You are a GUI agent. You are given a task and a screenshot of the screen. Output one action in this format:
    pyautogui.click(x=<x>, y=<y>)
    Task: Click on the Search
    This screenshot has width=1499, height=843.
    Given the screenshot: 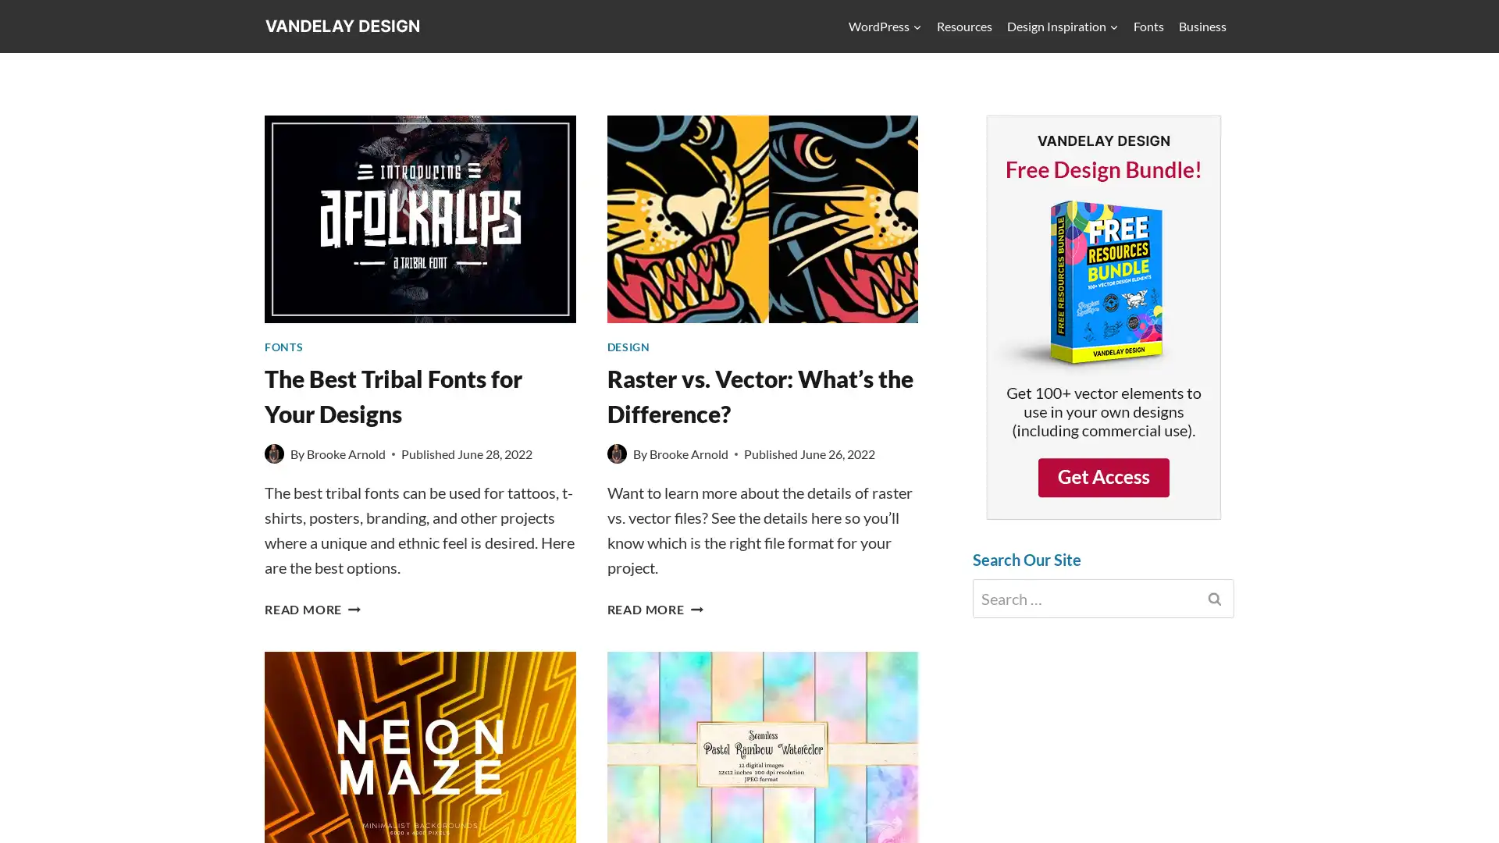 What is the action you would take?
    pyautogui.click(x=1213, y=598)
    